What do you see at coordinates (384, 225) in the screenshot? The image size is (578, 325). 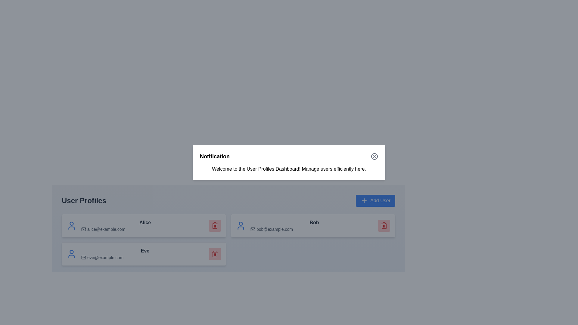 I see `the delete icon located at the far right of the user profile card for Bob to initiate the delete action` at bounding box center [384, 225].